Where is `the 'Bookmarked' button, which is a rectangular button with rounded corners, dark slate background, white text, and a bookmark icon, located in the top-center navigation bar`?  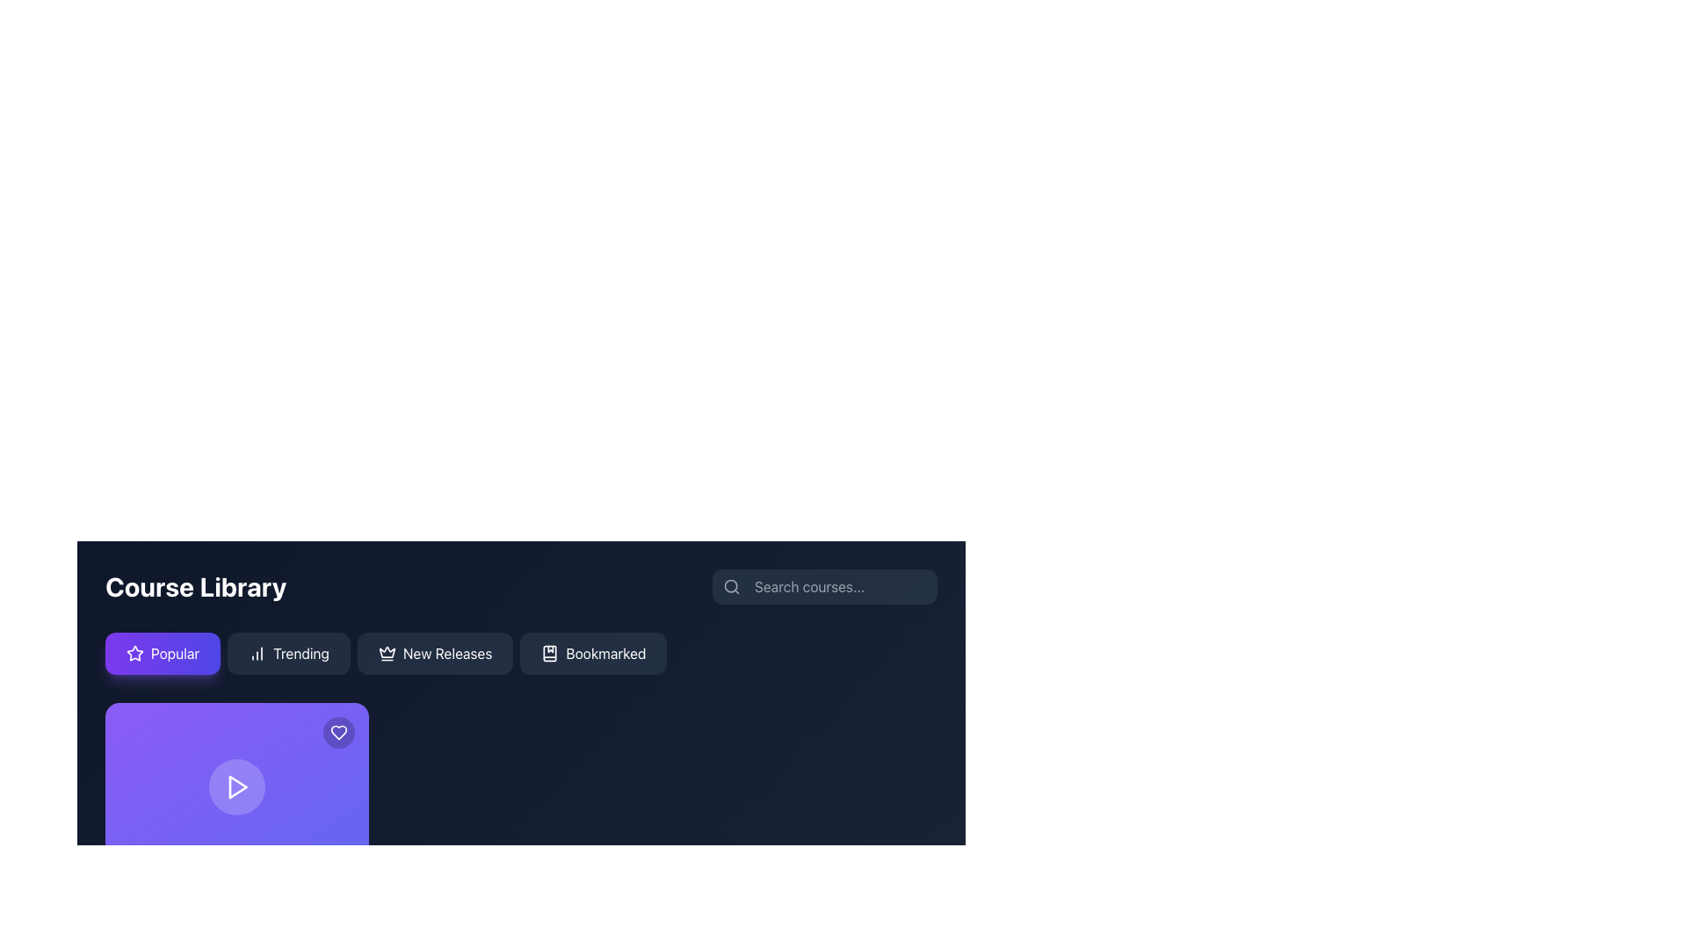
the 'Bookmarked' button, which is a rectangular button with rounded corners, dark slate background, white text, and a bookmark icon, located in the top-center navigation bar is located at coordinates (593, 654).